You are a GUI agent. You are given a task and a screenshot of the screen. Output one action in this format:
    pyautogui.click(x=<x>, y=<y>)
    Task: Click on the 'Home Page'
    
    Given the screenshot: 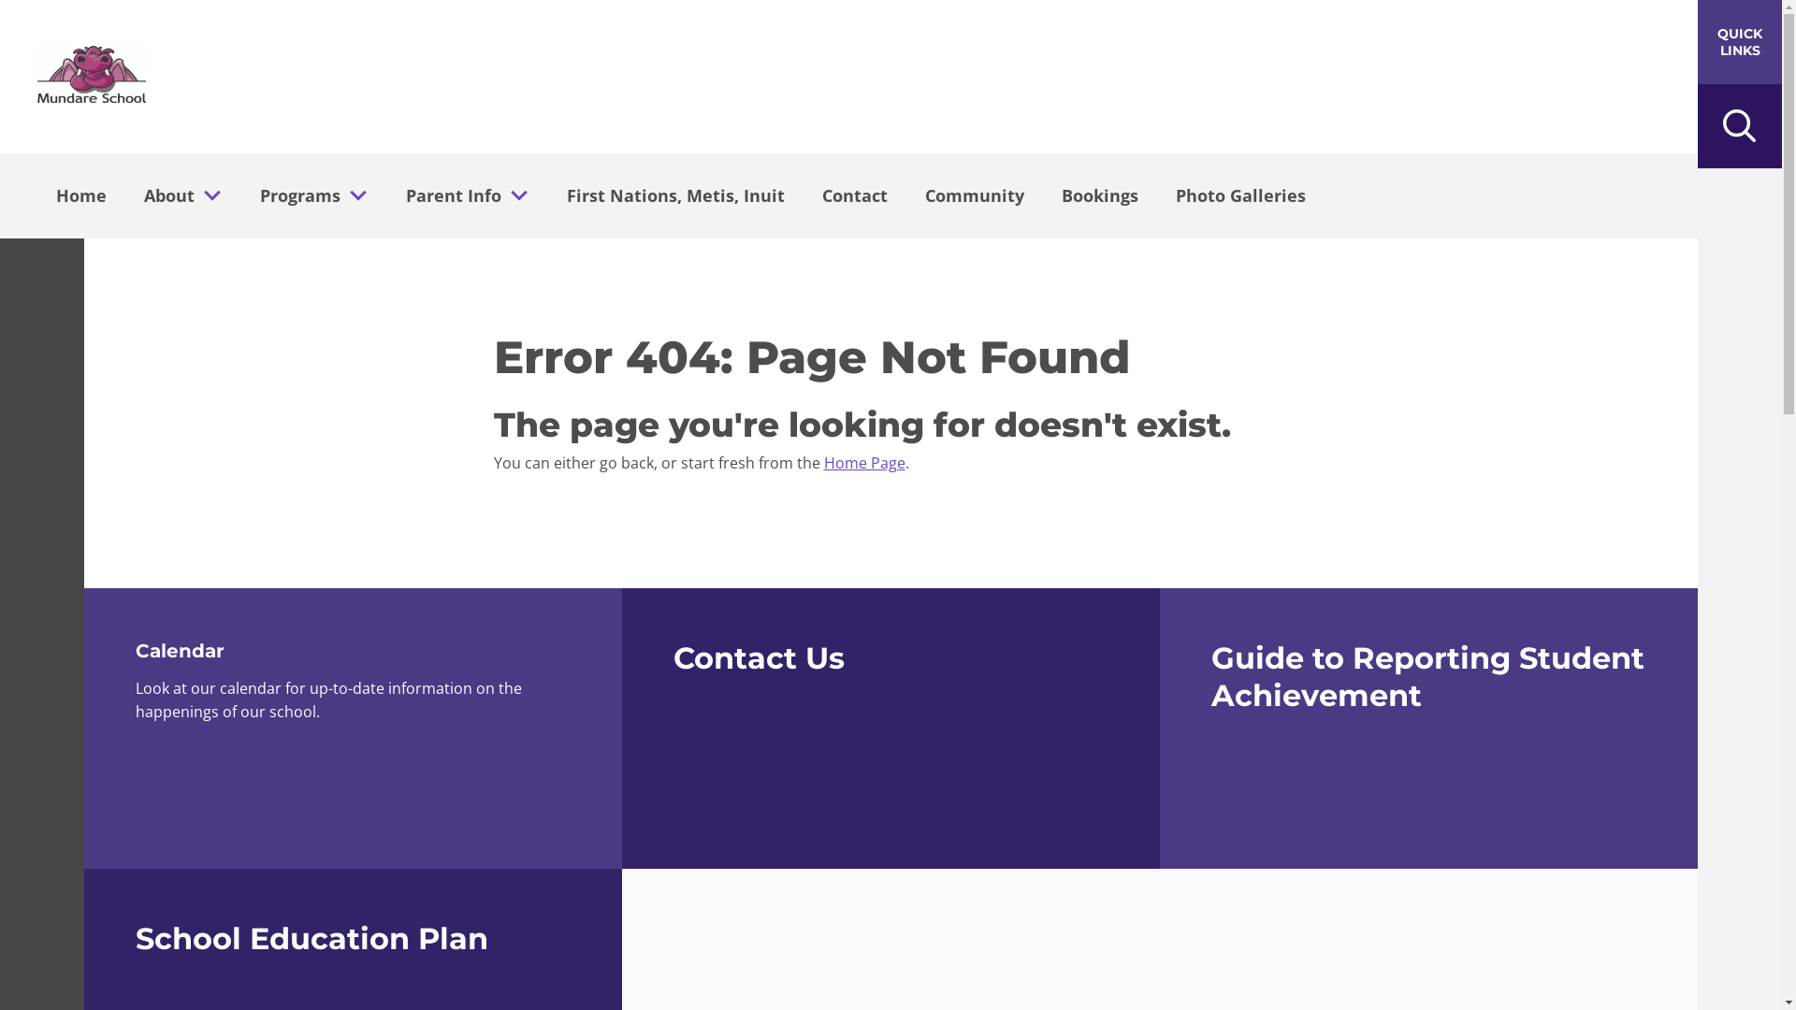 What is the action you would take?
    pyautogui.click(x=862, y=462)
    